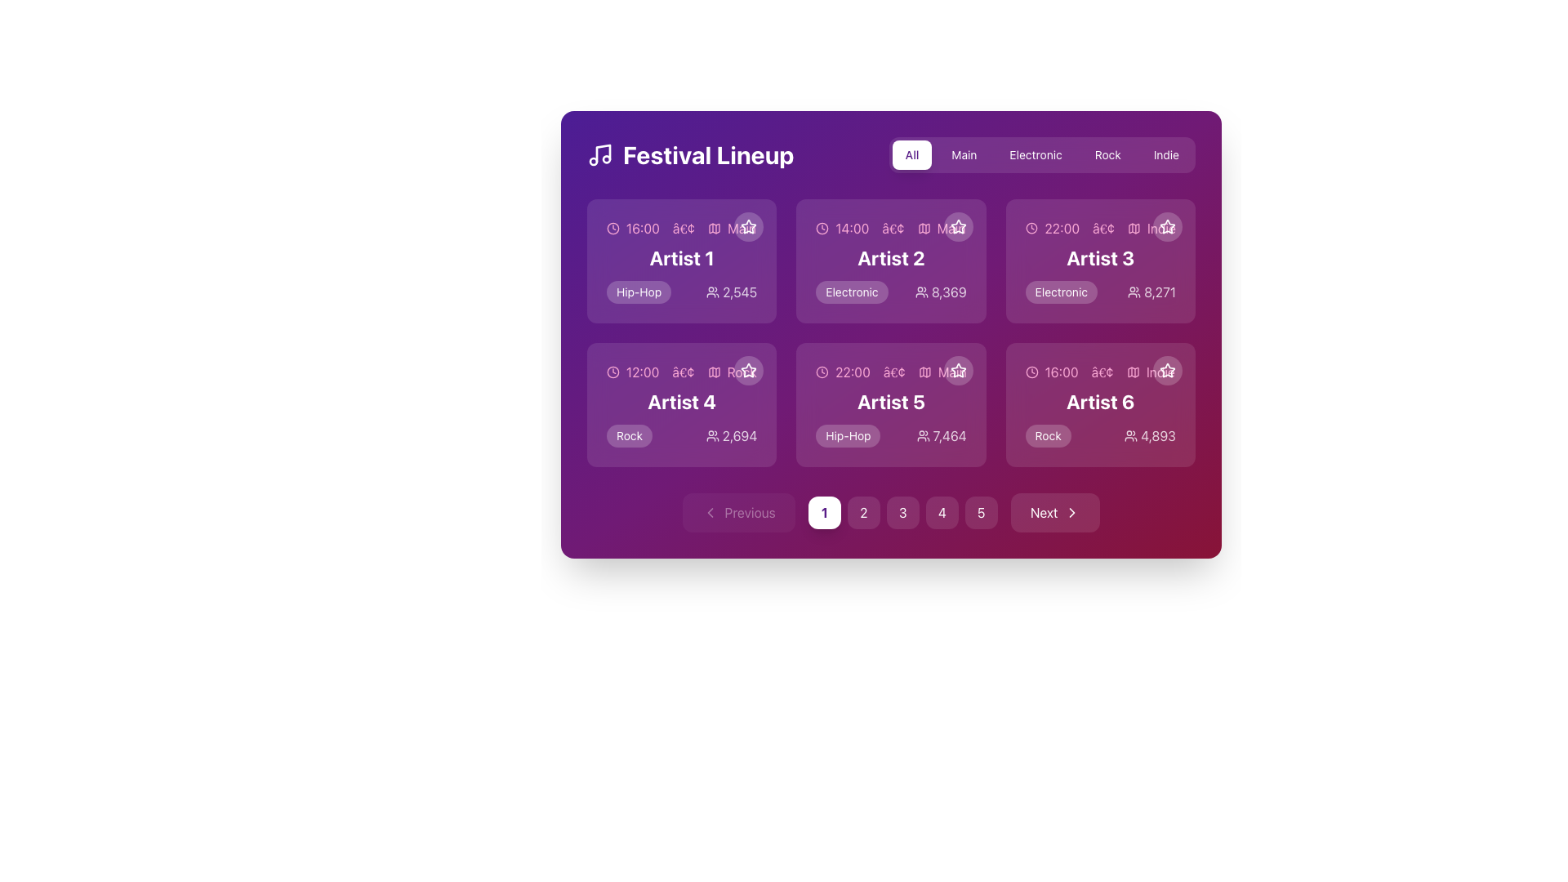 This screenshot has height=882, width=1568. I want to click on the map icon located in the second card of the first row, which is styled with a modern graphic design and resembles a folded map, so click(924, 229).